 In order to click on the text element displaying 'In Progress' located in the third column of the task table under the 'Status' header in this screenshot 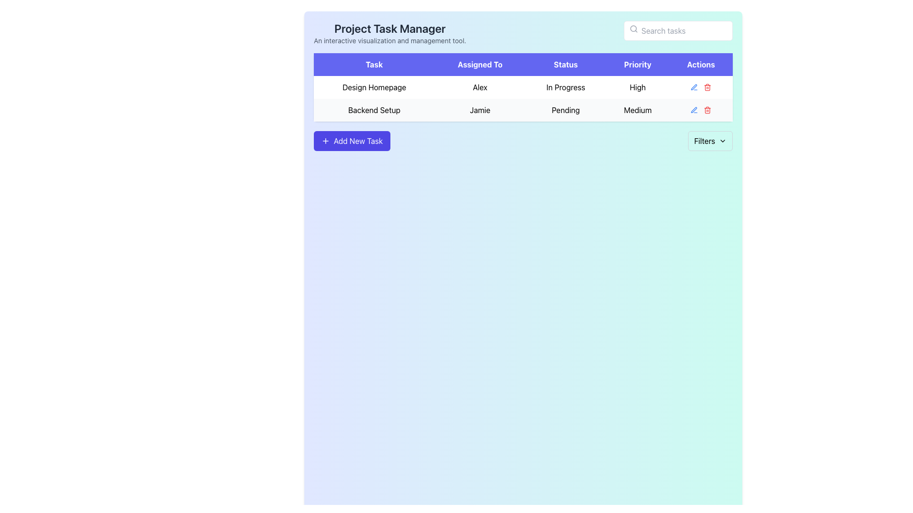, I will do `click(565, 87)`.